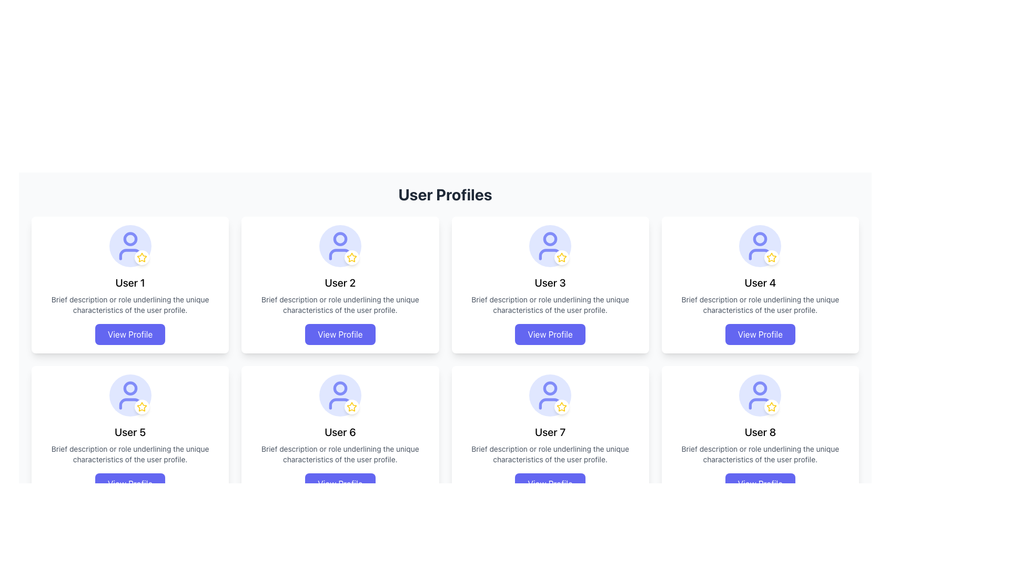  Describe the element at coordinates (129, 395) in the screenshot. I see `the visual avatar representing 'User 5' in the user profiles grid, located in the second row, first column` at that location.